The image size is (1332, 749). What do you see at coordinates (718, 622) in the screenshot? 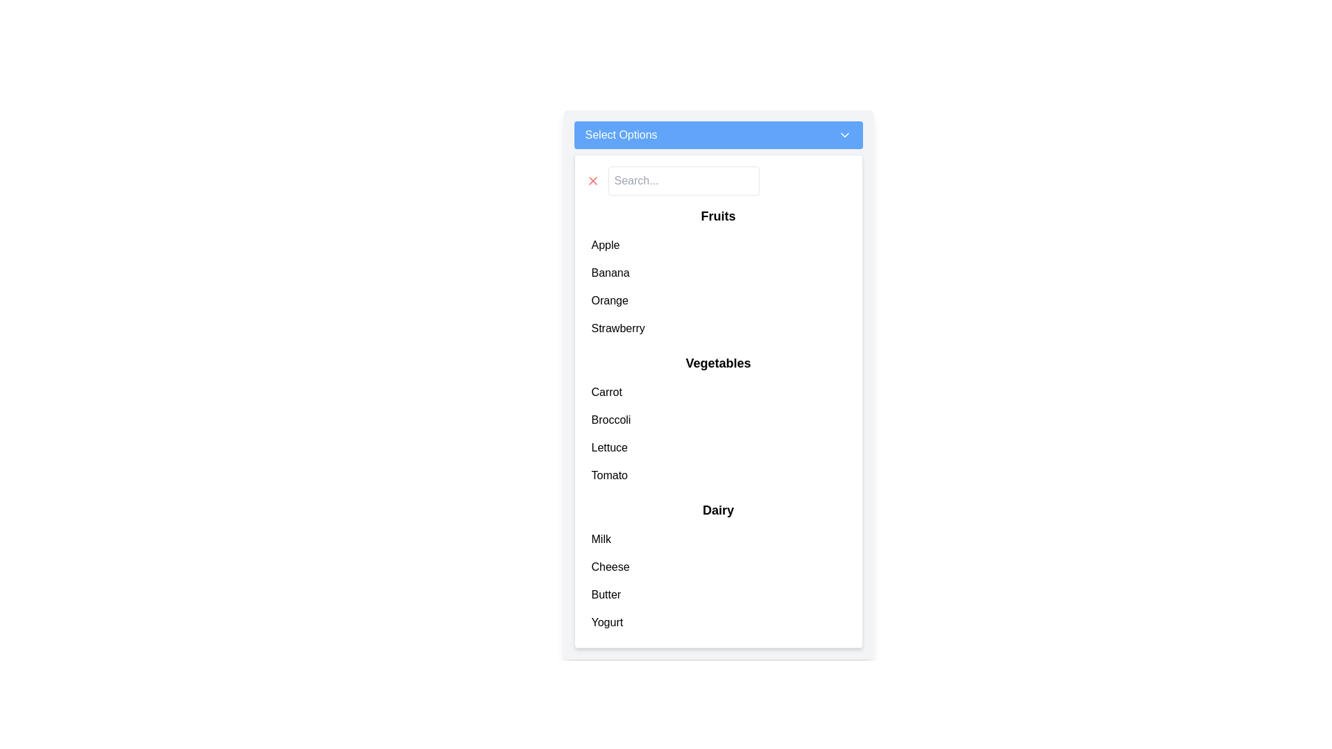
I see `the 'Yogurt' list item in the 'Dairy' section to navigate` at bounding box center [718, 622].